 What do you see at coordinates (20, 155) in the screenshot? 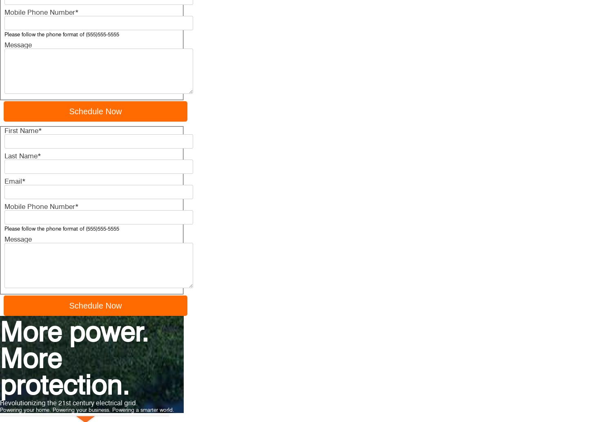
I see `'Last Name'` at bounding box center [20, 155].